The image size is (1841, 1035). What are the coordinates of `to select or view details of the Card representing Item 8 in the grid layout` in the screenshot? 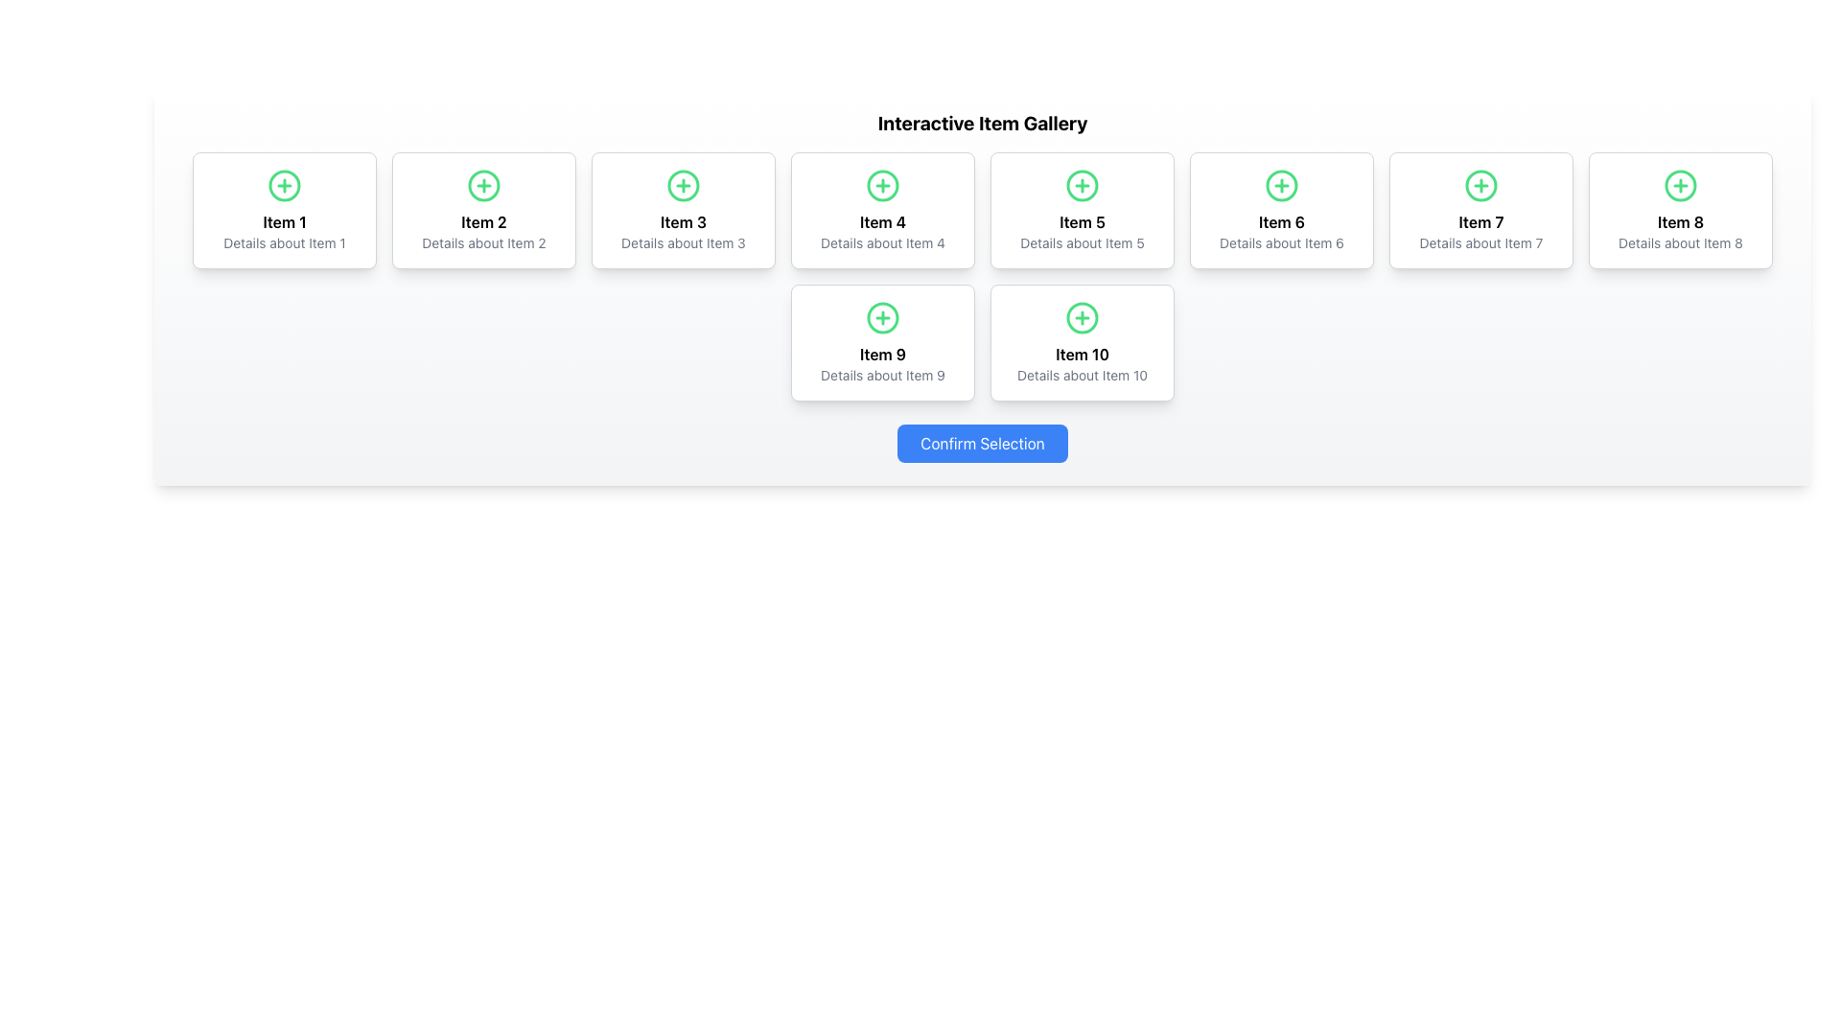 It's located at (1679, 210).